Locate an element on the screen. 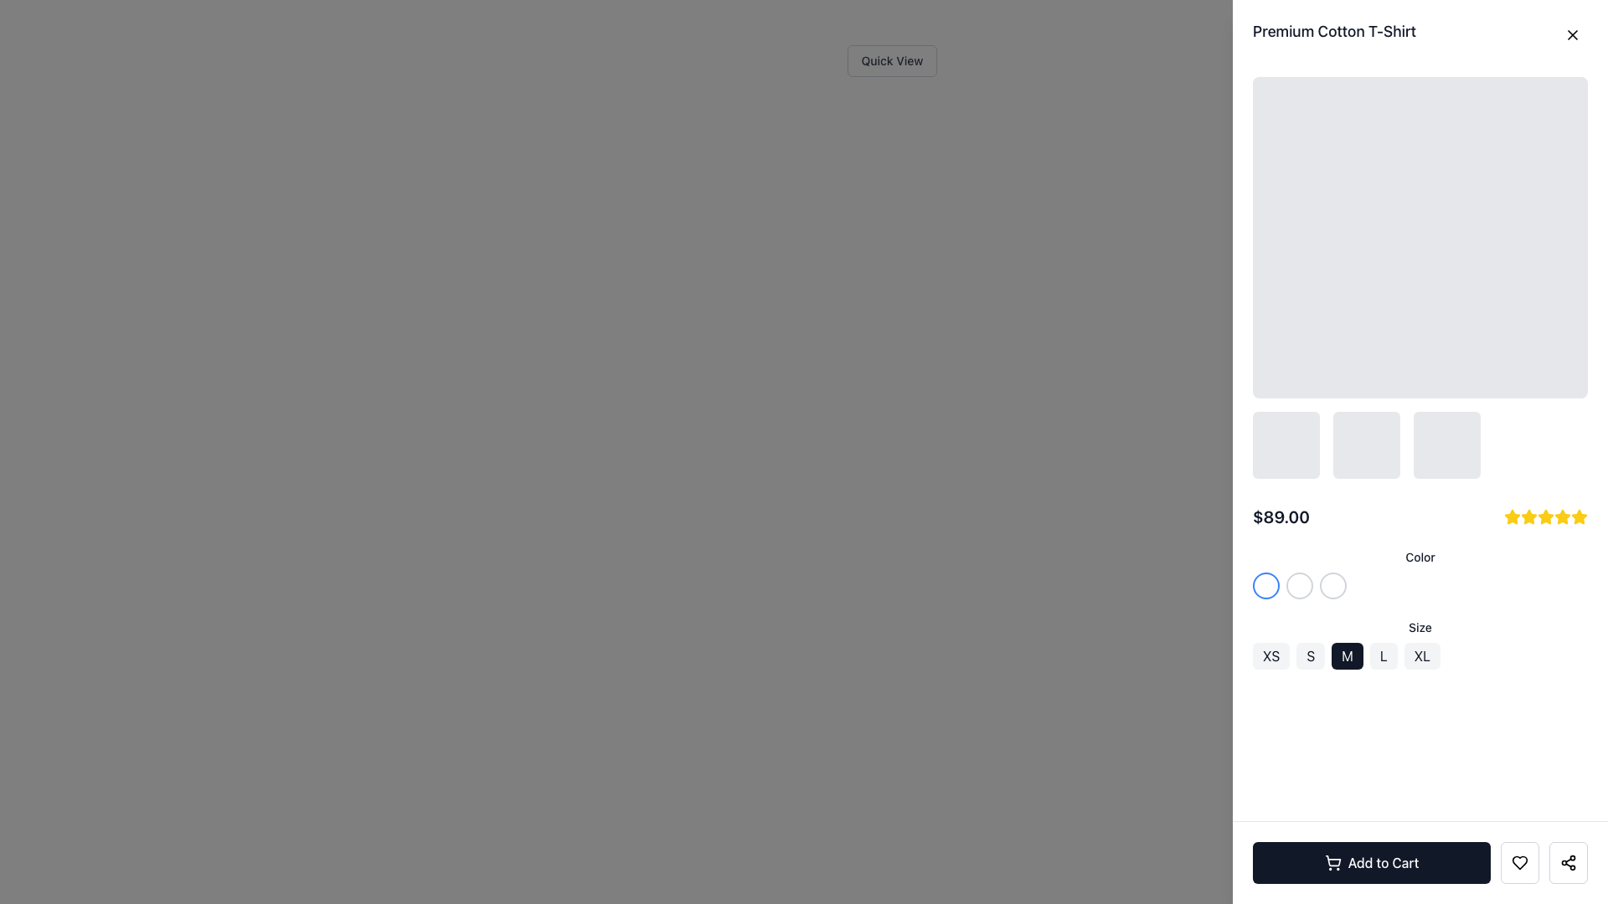 This screenshot has height=904, width=1608. the rectangular button labeled 'XL' with a light gray background is located at coordinates (1421, 655).